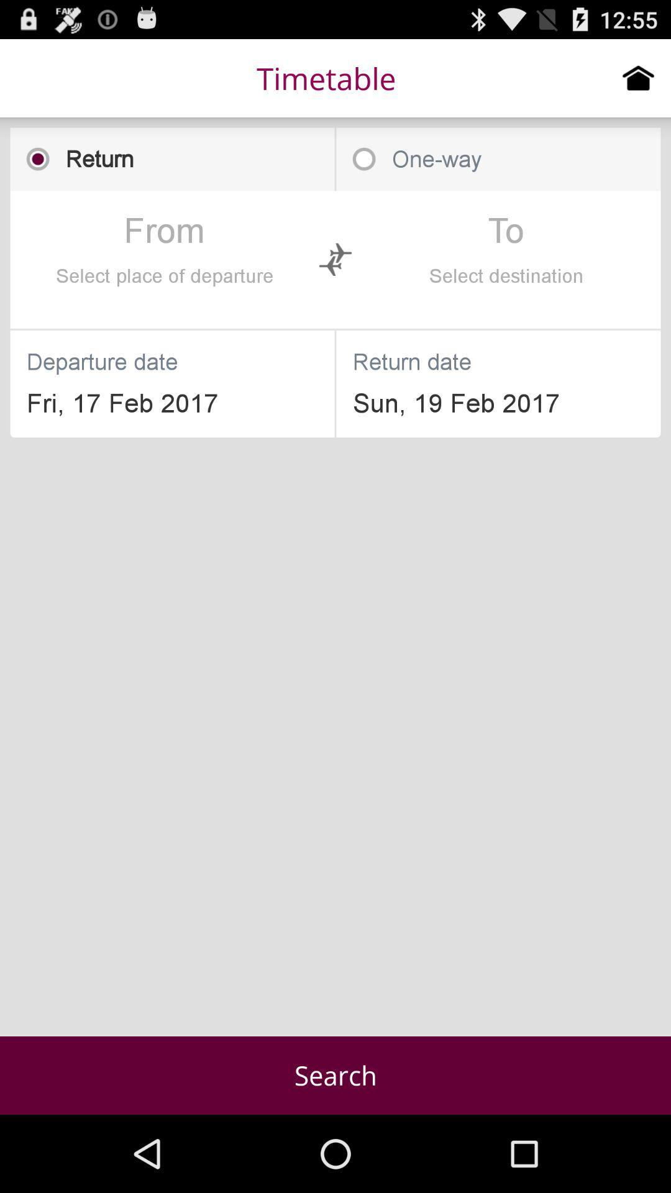 The height and width of the screenshot is (1193, 671). I want to click on the one-way icon, so click(498, 158).